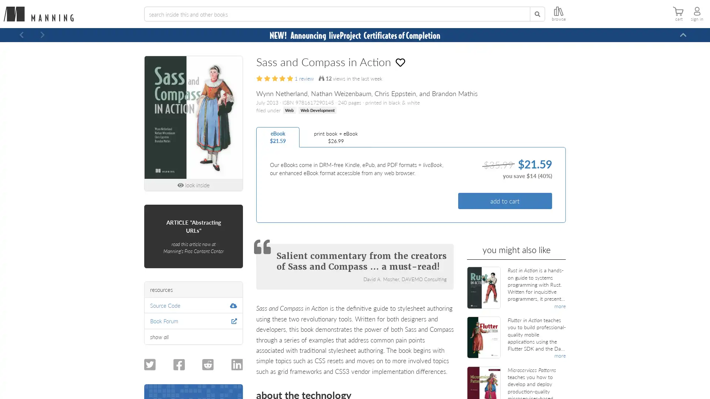 Image resolution: width=710 pixels, height=399 pixels. What do you see at coordinates (504, 201) in the screenshot?
I see `add to cart` at bounding box center [504, 201].